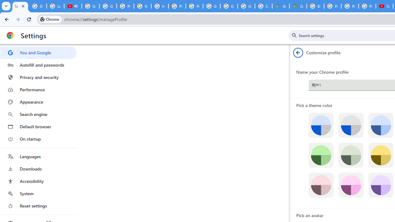 The height and width of the screenshot is (222, 395). What do you see at coordinates (315, 6) in the screenshot?
I see `'Blogger Policies and Guidelines - Transparency Center'` at bounding box center [315, 6].